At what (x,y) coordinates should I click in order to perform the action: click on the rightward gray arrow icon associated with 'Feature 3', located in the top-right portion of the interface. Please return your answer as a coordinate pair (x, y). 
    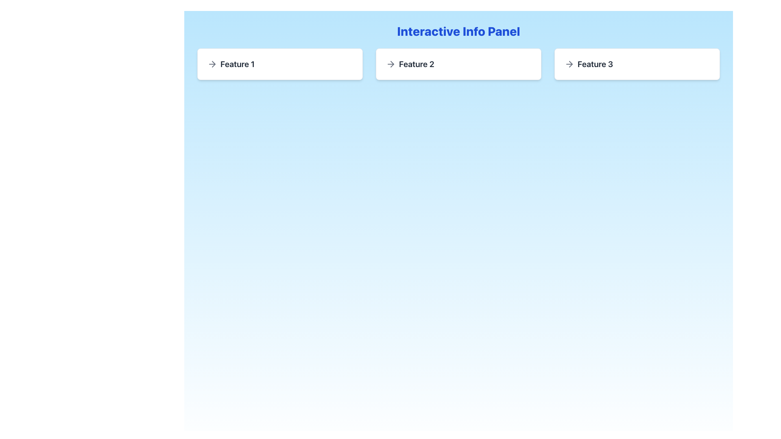
    Looking at the image, I should click on (569, 64).